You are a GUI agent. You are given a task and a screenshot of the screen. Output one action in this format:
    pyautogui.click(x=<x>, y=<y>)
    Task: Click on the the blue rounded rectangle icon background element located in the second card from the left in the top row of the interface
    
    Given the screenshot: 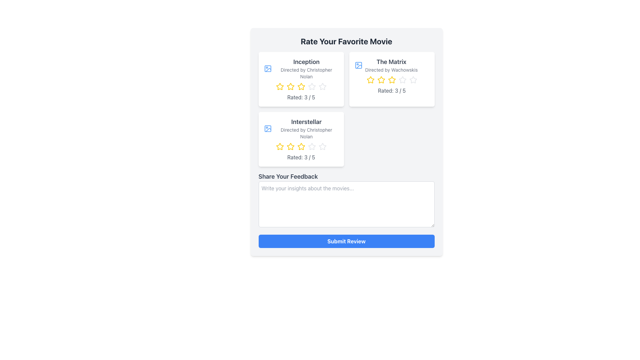 What is the action you would take?
    pyautogui.click(x=358, y=65)
    